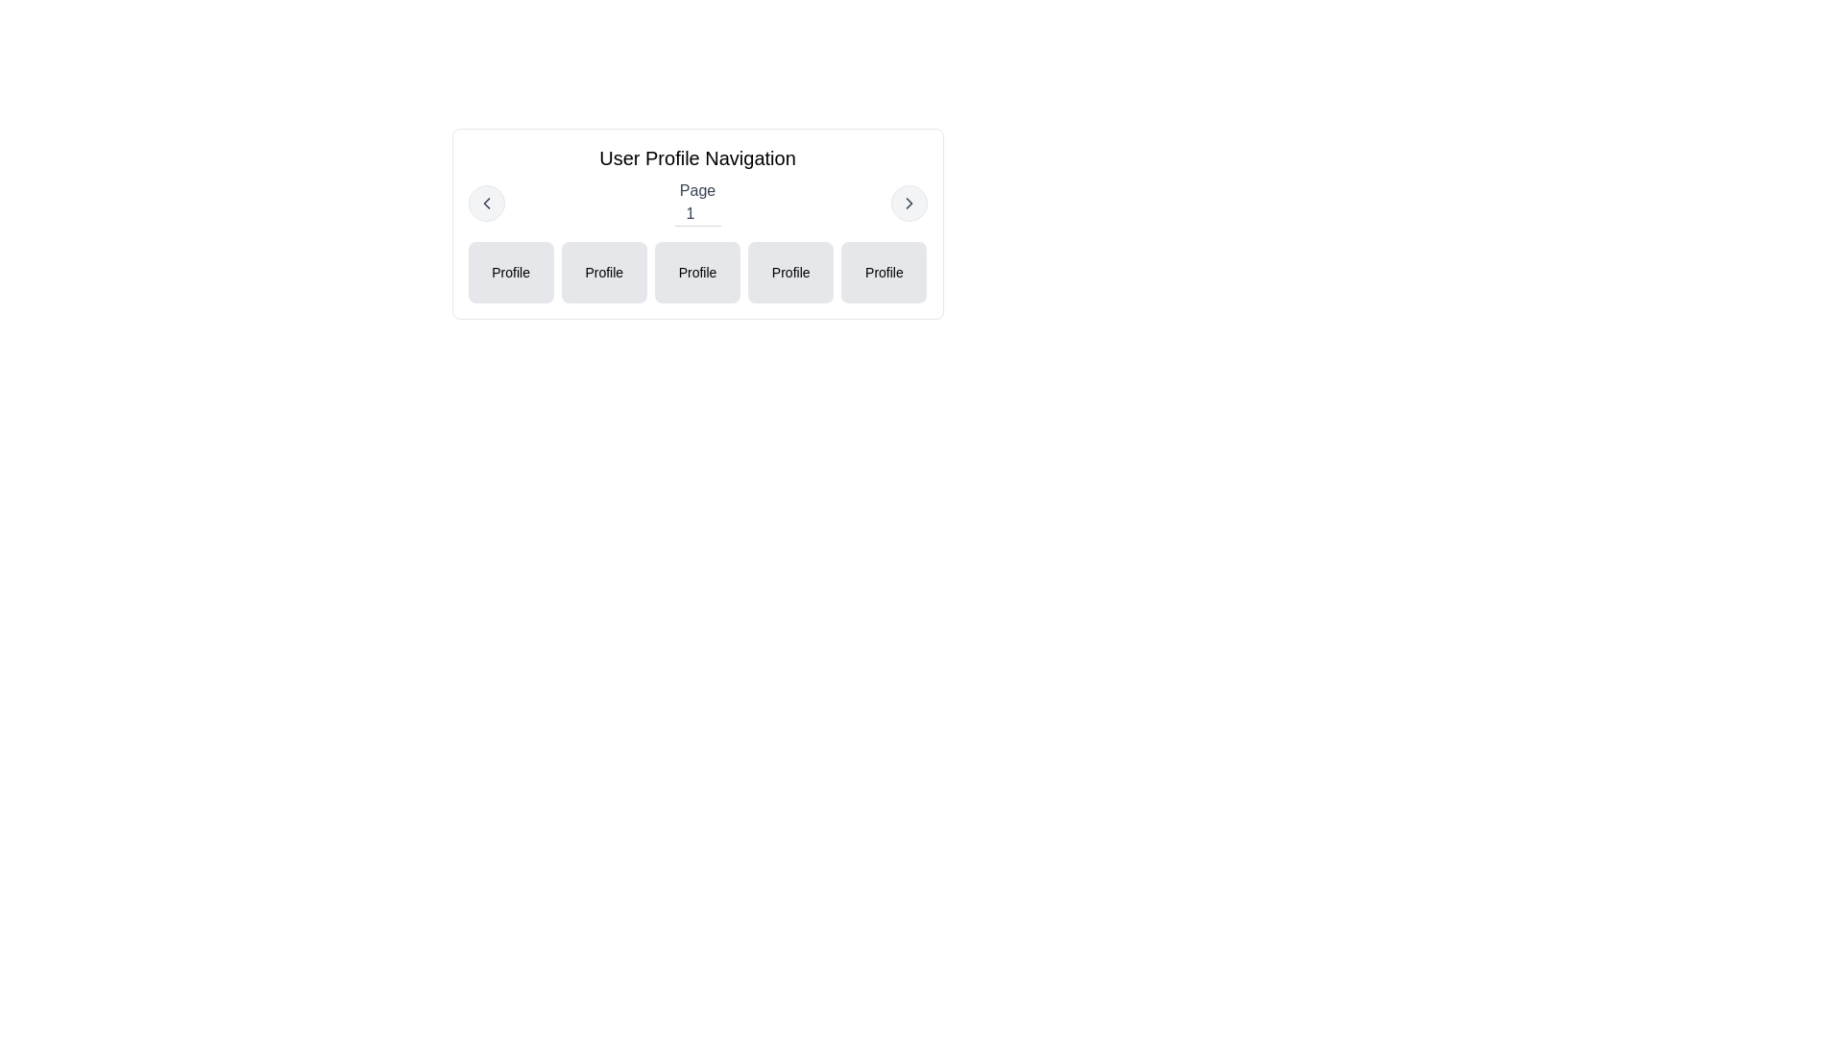 The image size is (1844, 1037). I want to click on the right-pointing chevron icon, which is styled as a small arrow on a light gray circular background, located at the right edge of the navigation section, so click(908, 203).